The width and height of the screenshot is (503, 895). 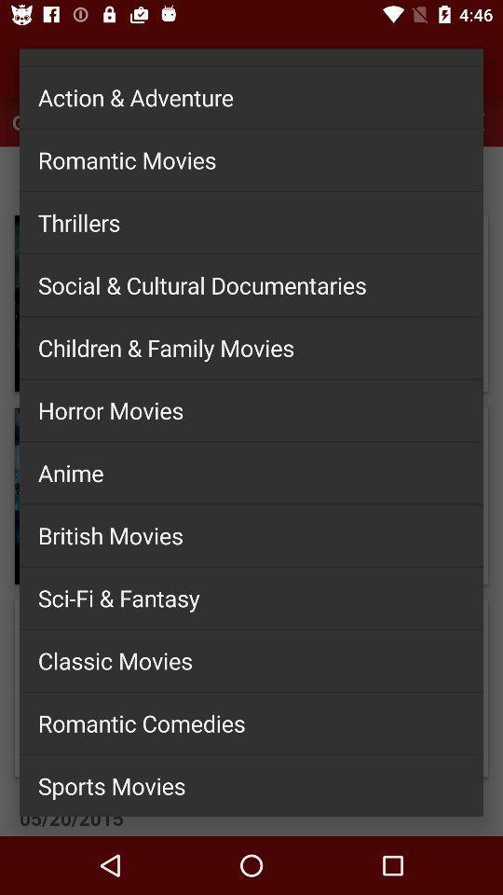 I want to click on romantic comedies icon, so click(x=251, y=722).